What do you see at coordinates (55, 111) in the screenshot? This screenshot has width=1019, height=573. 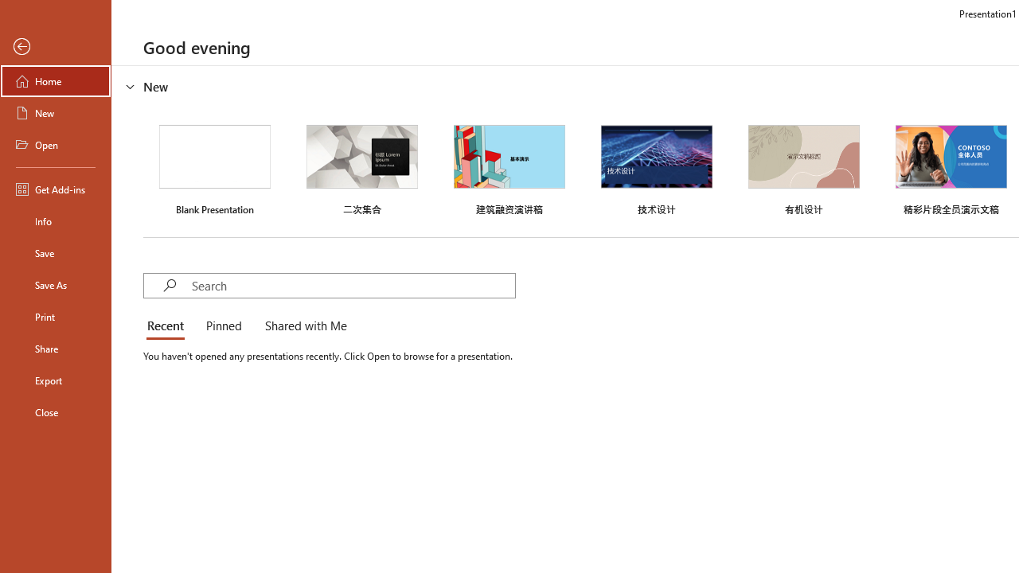 I see `'New'` at bounding box center [55, 111].